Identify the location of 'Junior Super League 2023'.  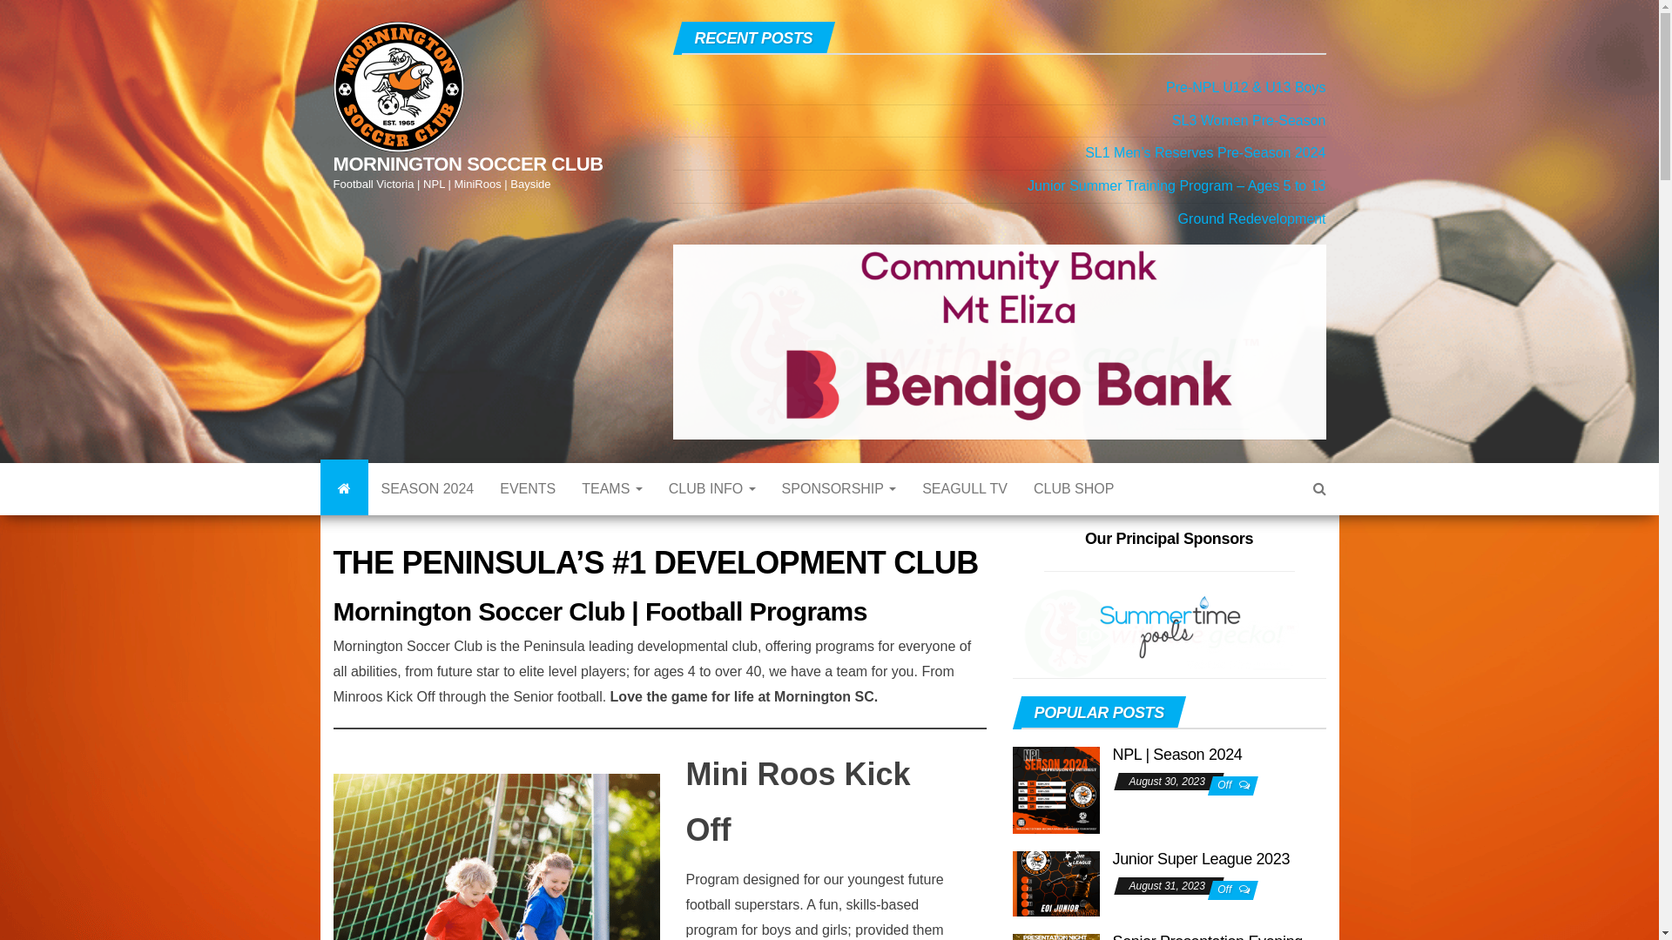
(1011, 895).